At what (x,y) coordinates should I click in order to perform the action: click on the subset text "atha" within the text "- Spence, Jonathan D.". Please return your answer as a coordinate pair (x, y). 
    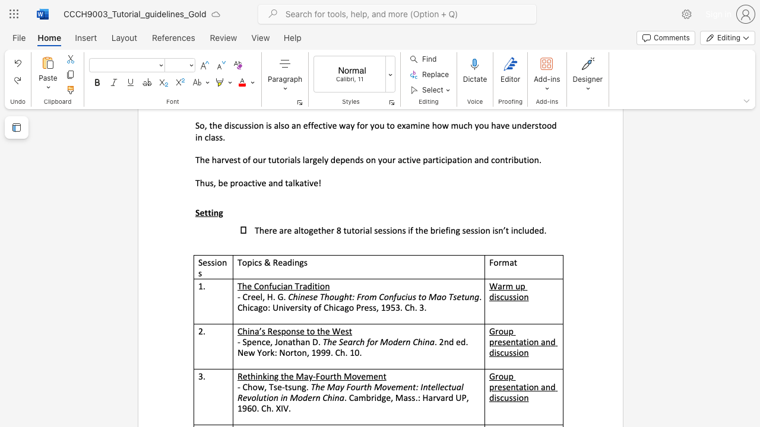
    Looking at the image, I should click on (287, 342).